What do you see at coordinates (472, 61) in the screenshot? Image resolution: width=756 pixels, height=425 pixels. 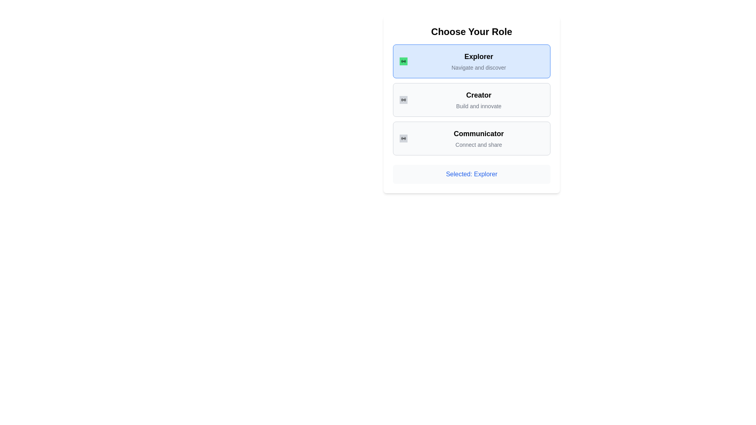 I see `the 'Explorer' role selection button, which is the topmost button in the 'Choose Your Role' panel` at bounding box center [472, 61].